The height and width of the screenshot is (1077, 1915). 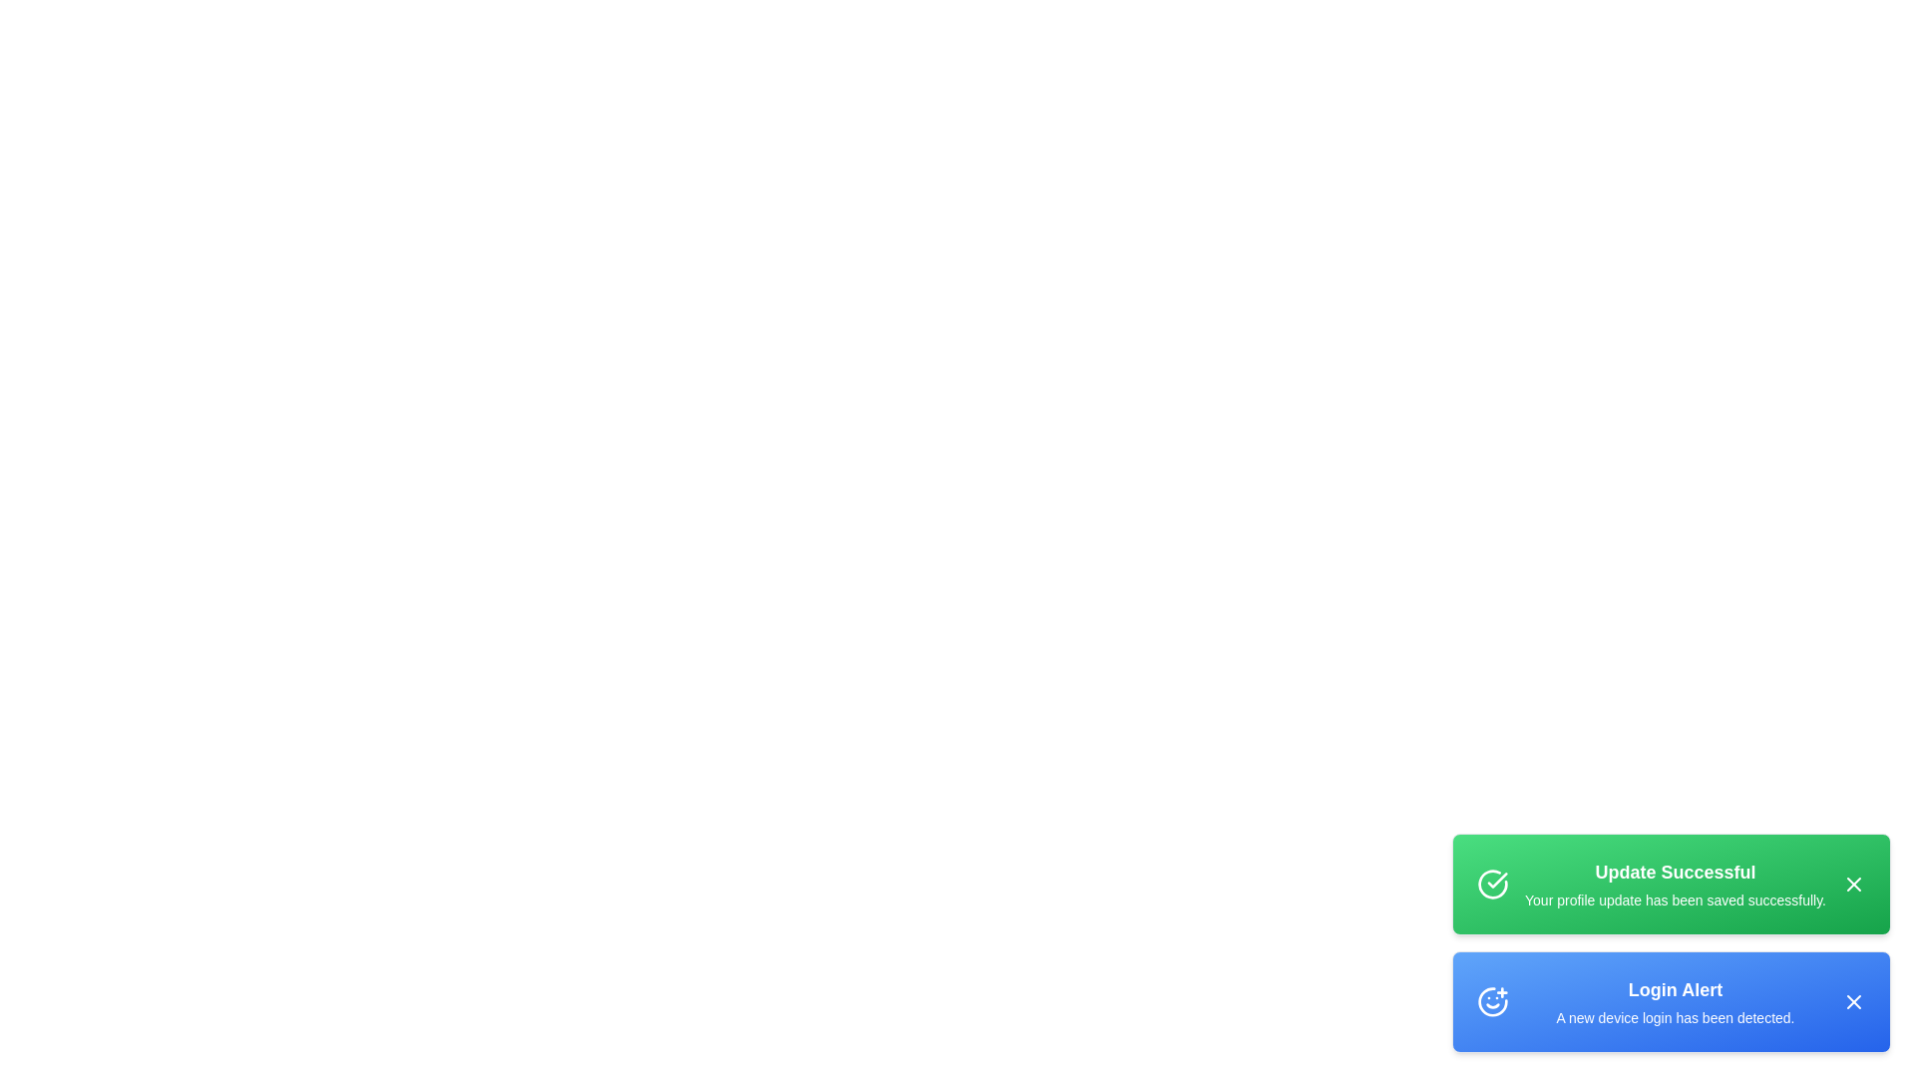 What do you see at coordinates (1671, 884) in the screenshot?
I see `the 'Update Successful' message to focus on it` at bounding box center [1671, 884].